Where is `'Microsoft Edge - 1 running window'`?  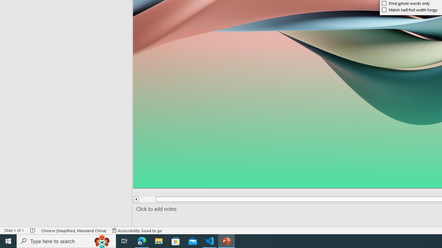
'Microsoft Edge - 1 running window' is located at coordinates (142, 240).